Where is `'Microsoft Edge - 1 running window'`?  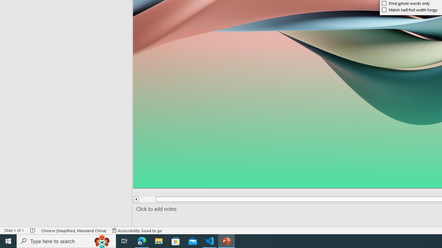
'Microsoft Edge - 1 running window' is located at coordinates (142, 240).